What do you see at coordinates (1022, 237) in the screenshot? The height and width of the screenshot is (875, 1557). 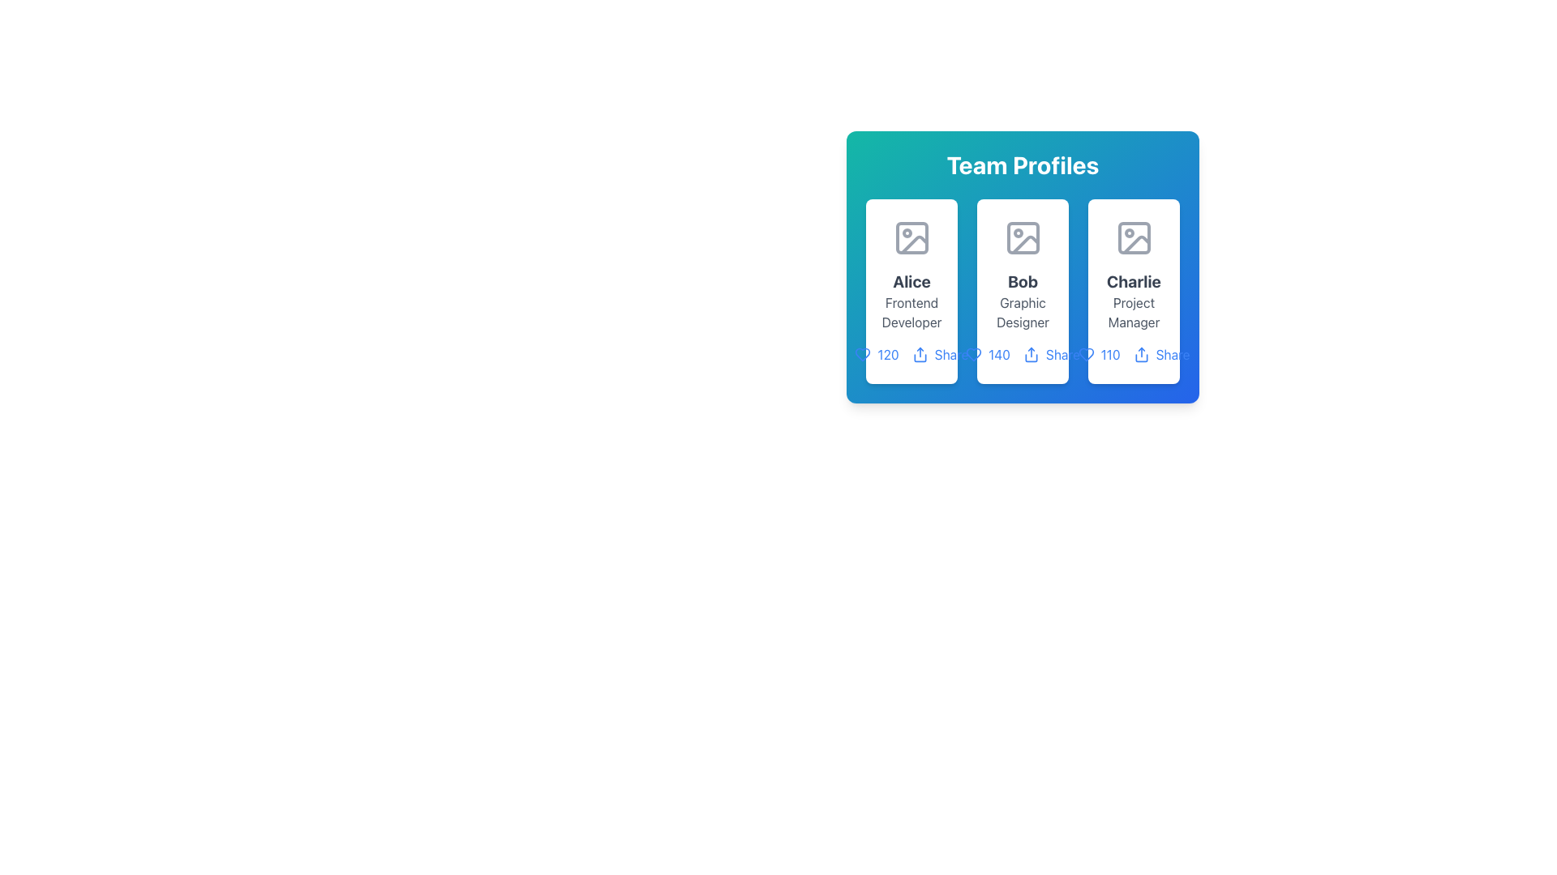 I see `the gray image placeholder icon resembling a mountain and sun, located in the second card titled 'Bob', describing a 'Graphic Designer'` at bounding box center [1022, 237].